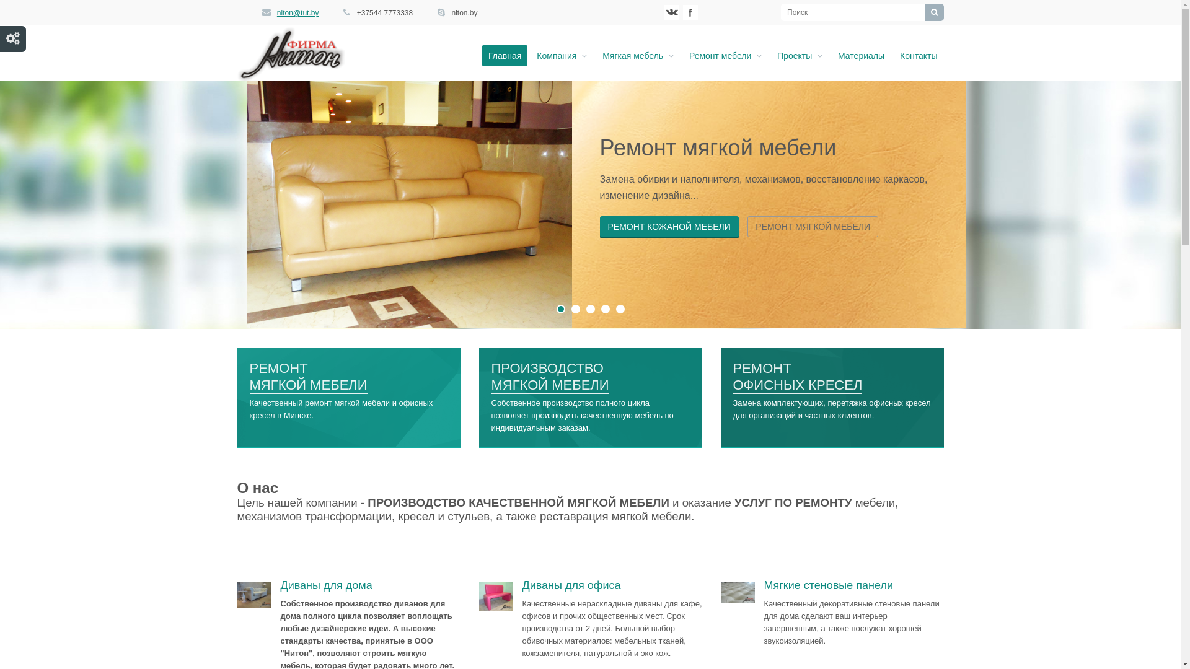 This screenshot has height=669, width=1190. Describe the element at coordinates (606, 308) in the screenshot. I see `'4'` at that location.